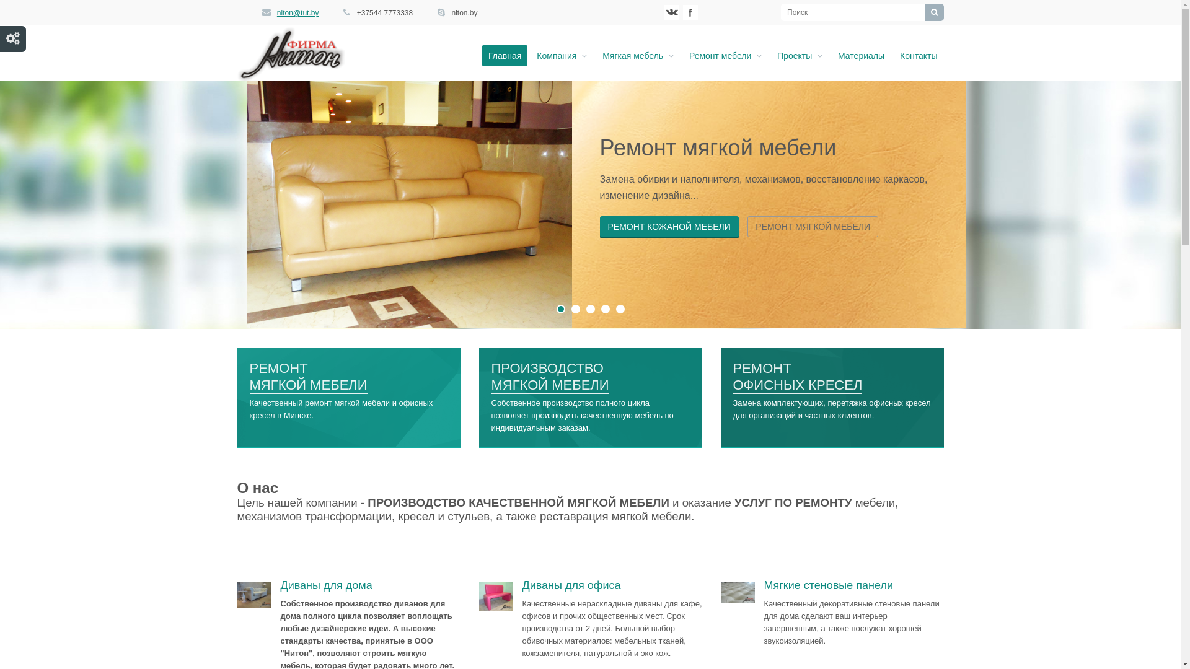 This screenshot has height=669, width=1190. Describe the element at coordinates (606, 308) in the screenshot. I see `'4'` at that location.